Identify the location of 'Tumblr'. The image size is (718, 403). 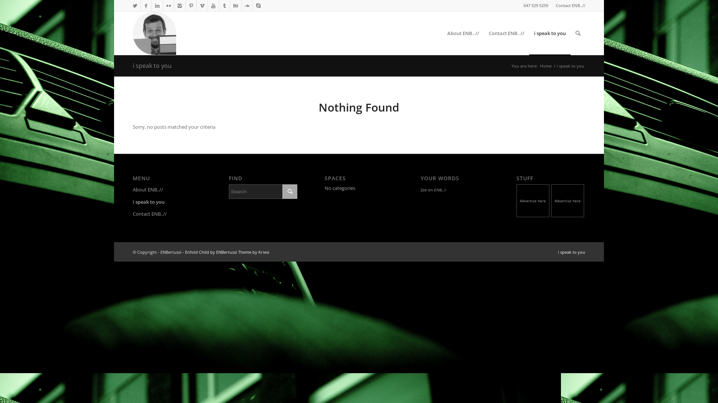
(218, 6).